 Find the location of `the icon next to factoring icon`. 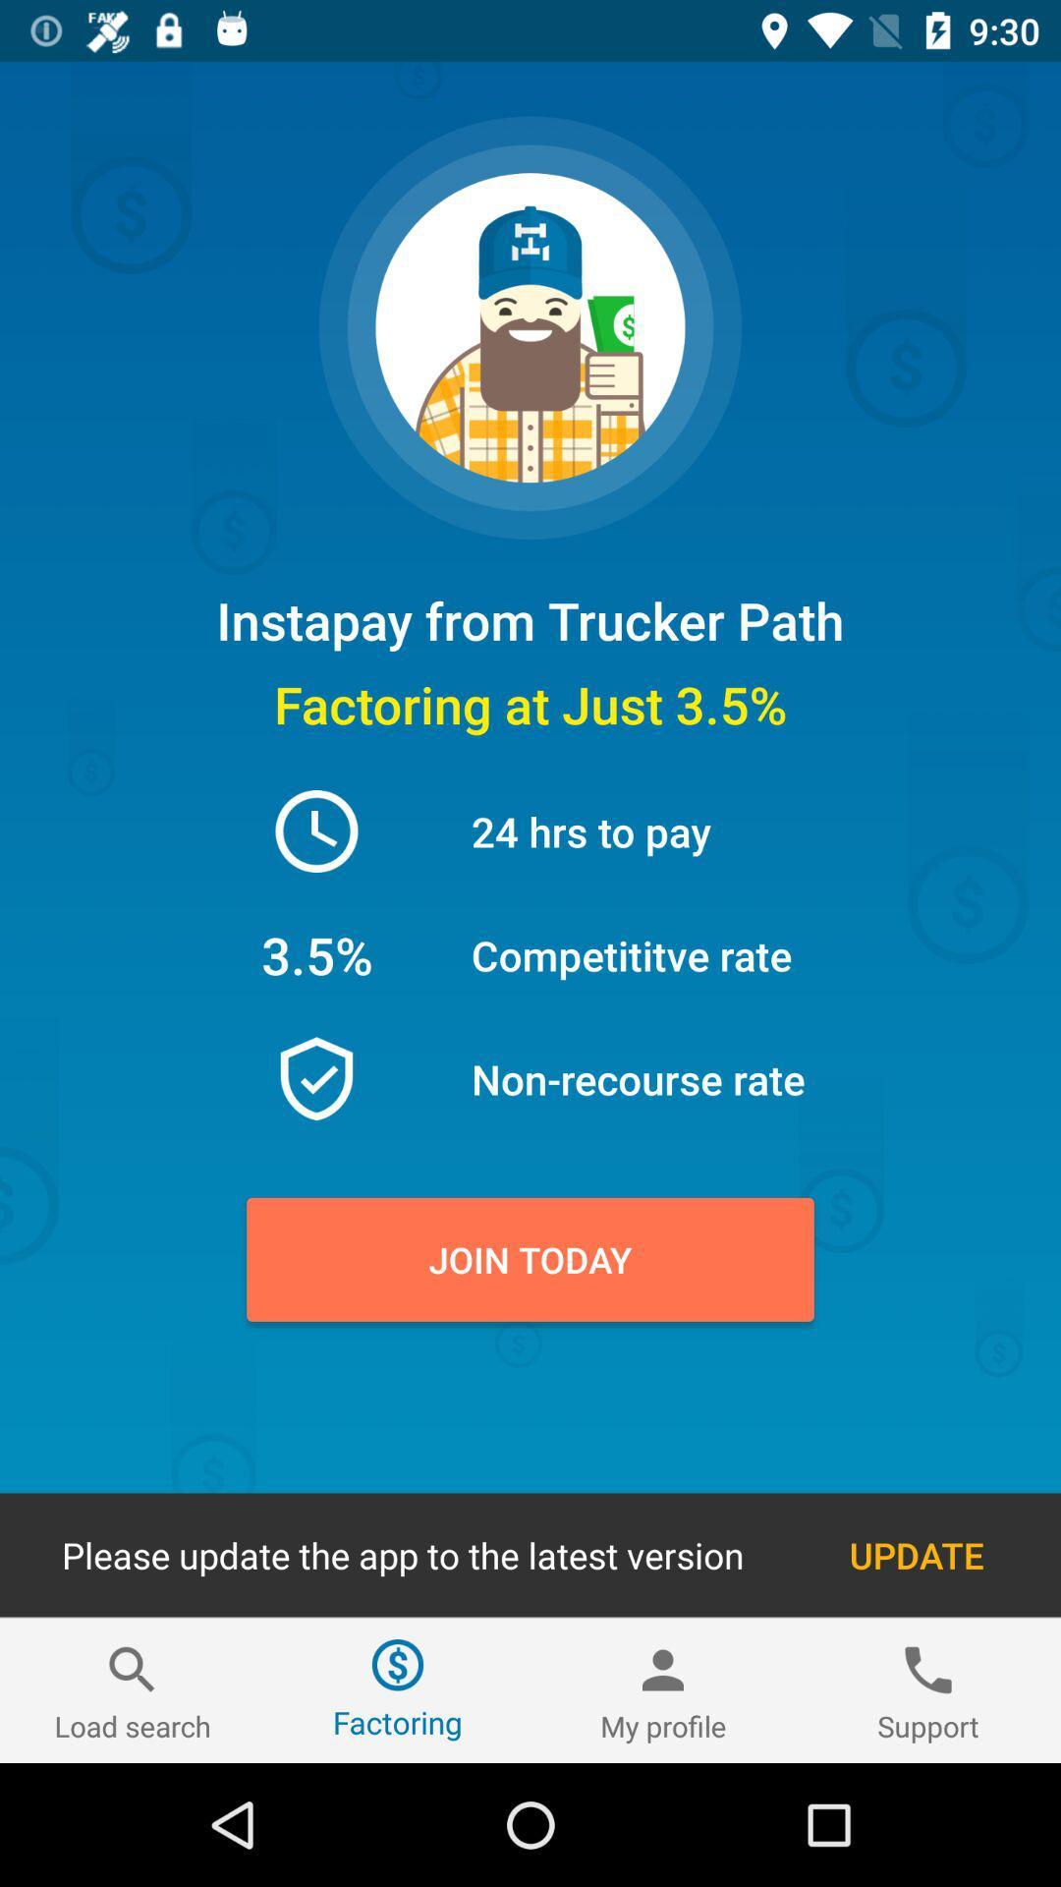

the icon next to factoring icon is located at coordinates (133, 1689).